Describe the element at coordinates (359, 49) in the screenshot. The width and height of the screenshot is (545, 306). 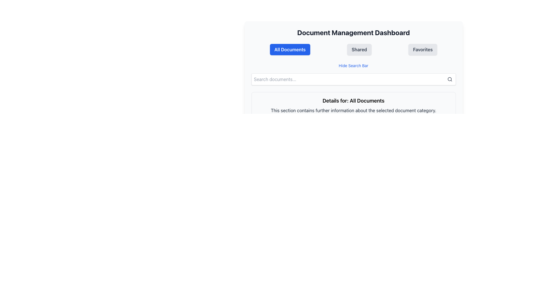
I see `the pill-shaped button labeled 'Shared' with a gray background` at that location.